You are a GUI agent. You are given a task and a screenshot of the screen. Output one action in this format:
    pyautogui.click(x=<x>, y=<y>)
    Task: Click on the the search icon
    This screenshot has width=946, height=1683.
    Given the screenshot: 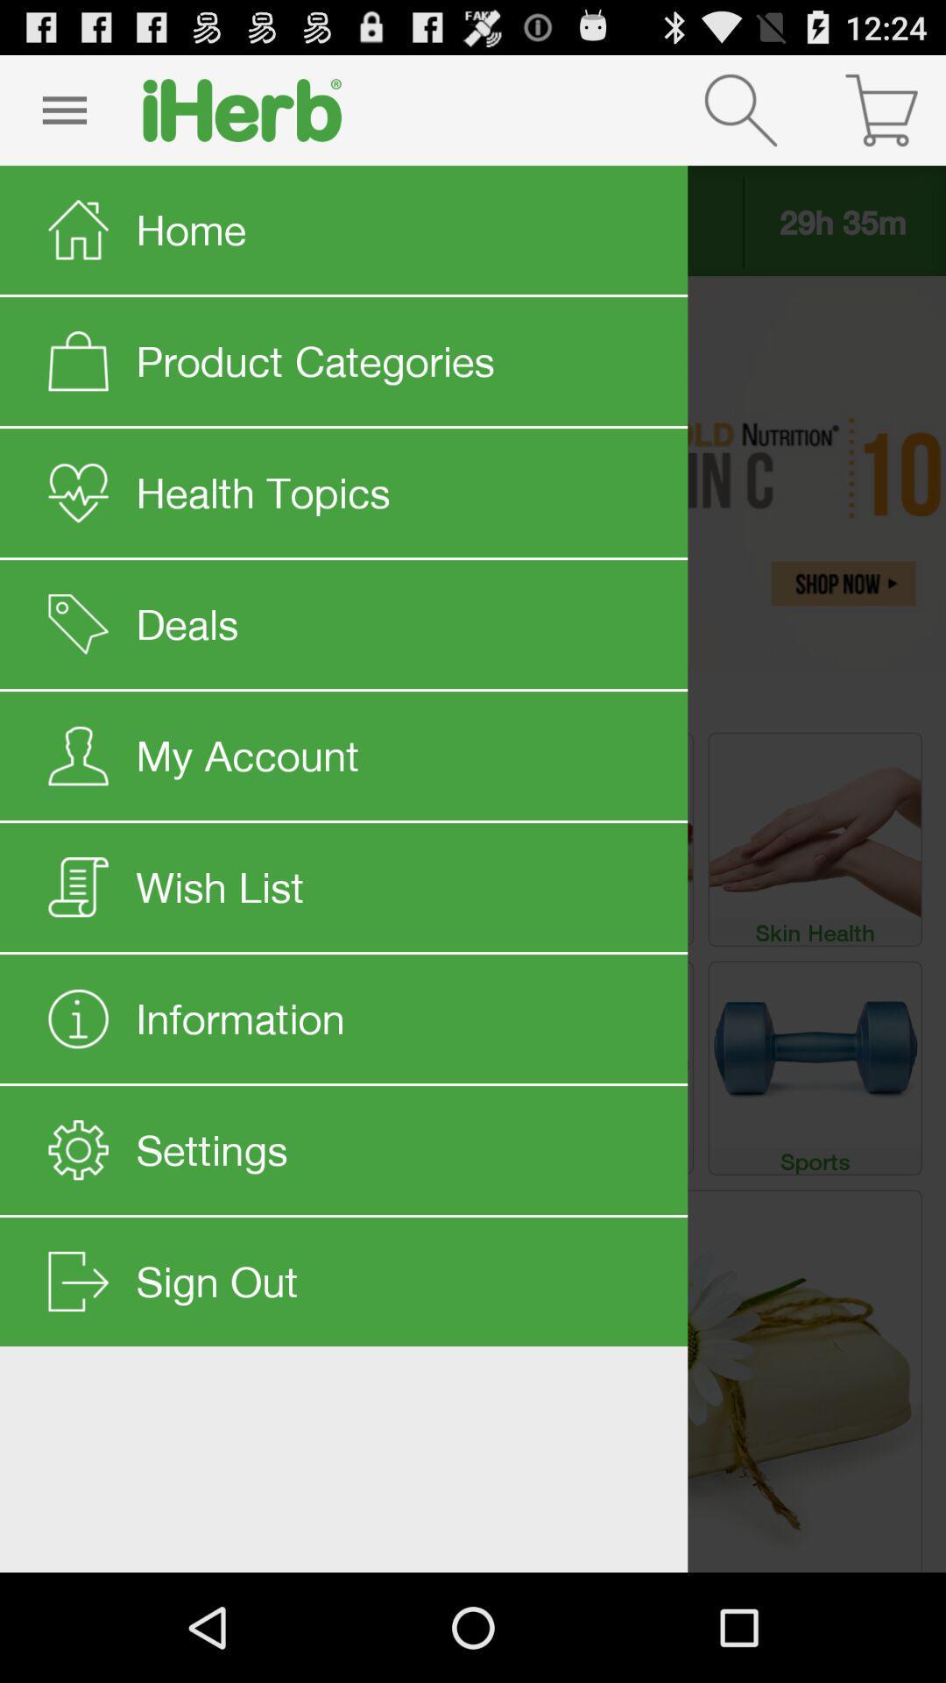 What is the action you would take?
    pyautogui.click(x=740, y=117)
    